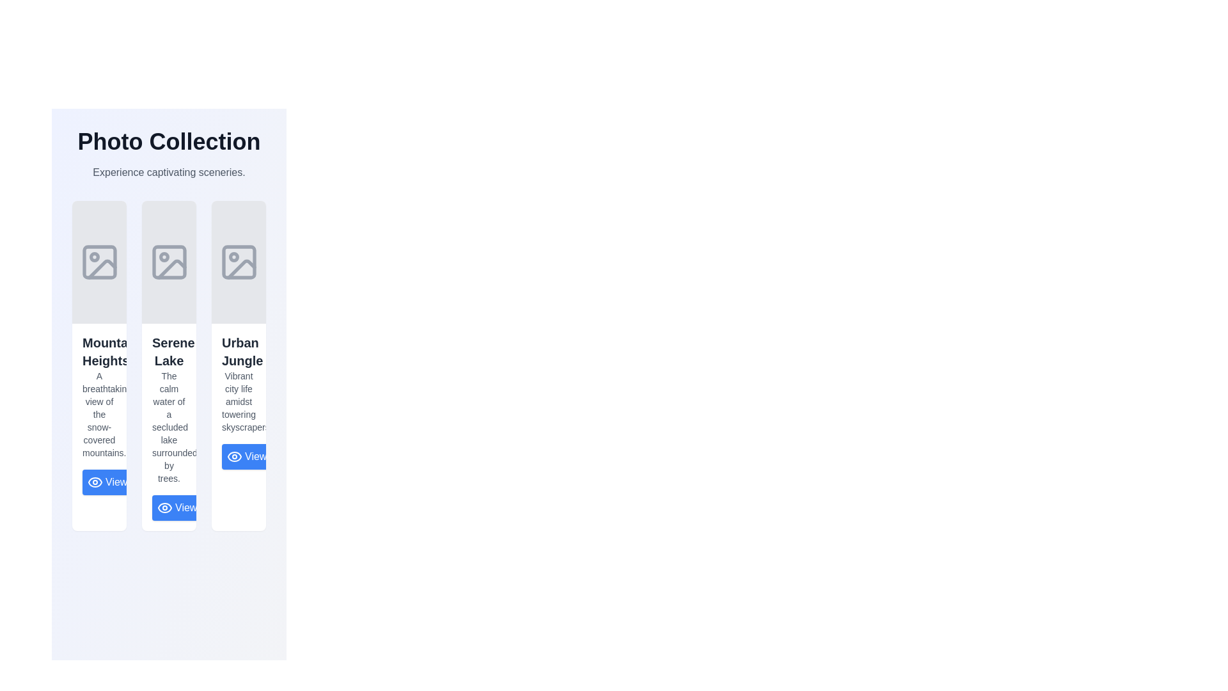 The width and height of the screenshot is (1228, 691). What do you see at coordinates (239, 261) in the screenshot?
I see `the decorative icon representing the 'Urban Jungle' category, located in the top section of the third panel` at bounding box center [239, 261].